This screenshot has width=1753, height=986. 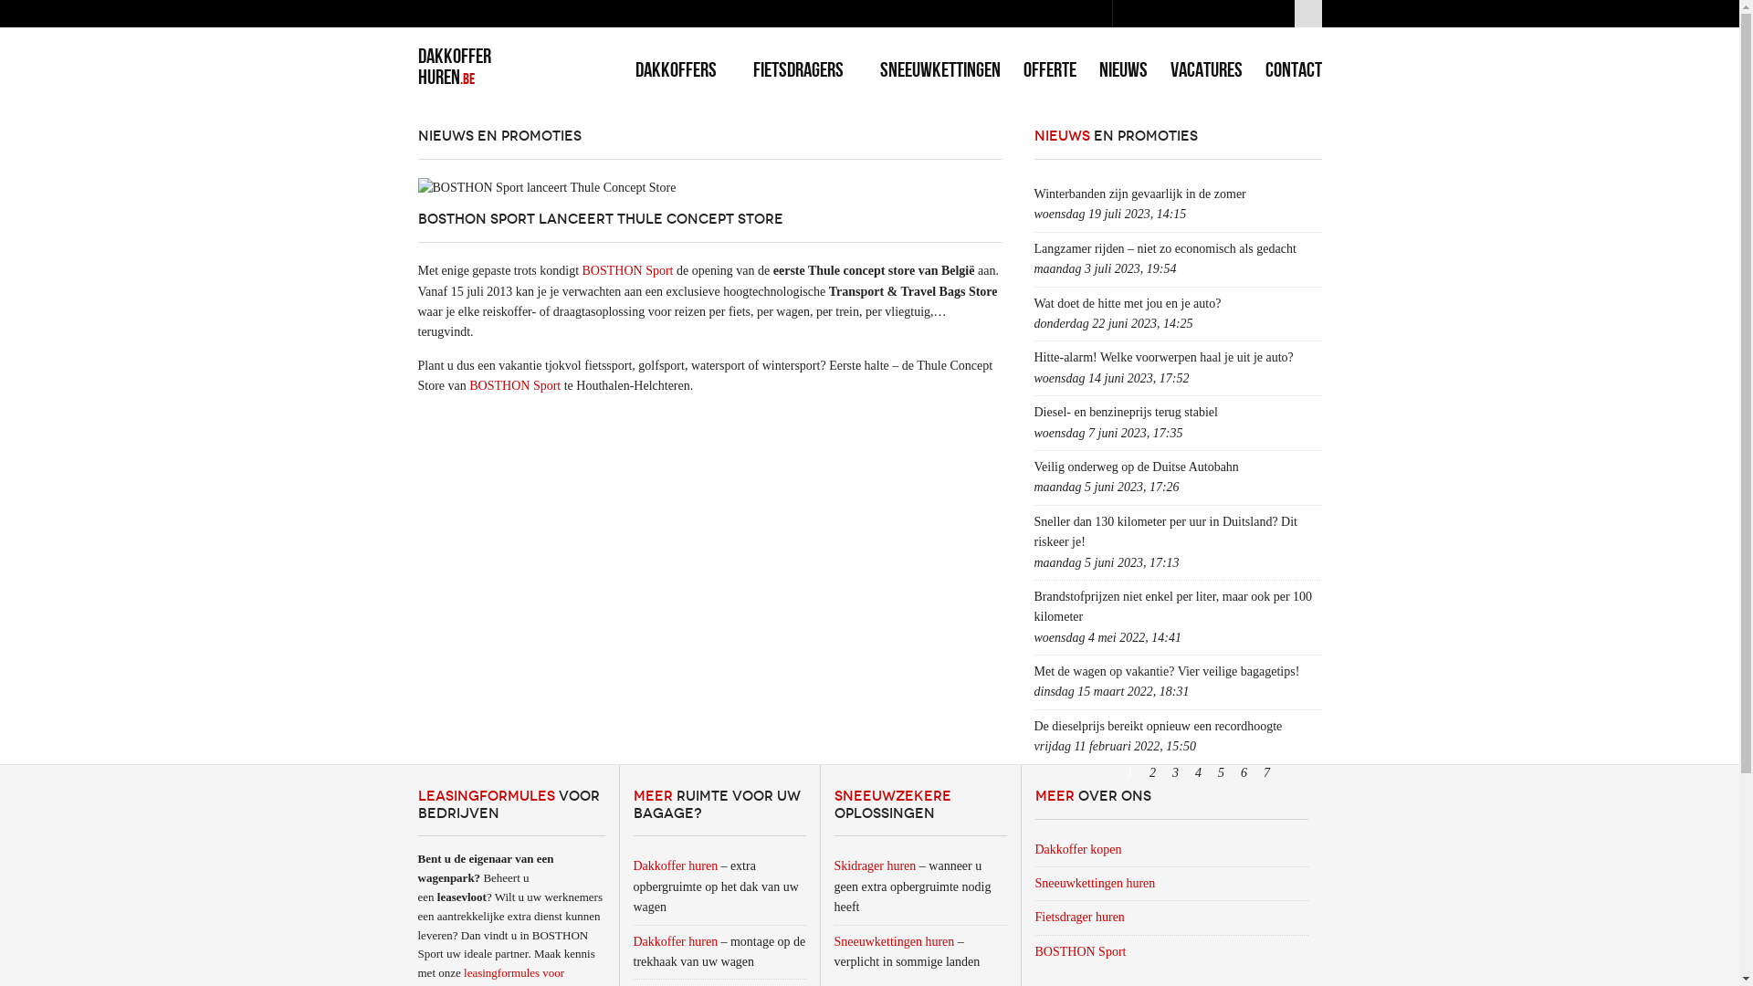 I want to click on ' ', so click(x=1307, y=14).